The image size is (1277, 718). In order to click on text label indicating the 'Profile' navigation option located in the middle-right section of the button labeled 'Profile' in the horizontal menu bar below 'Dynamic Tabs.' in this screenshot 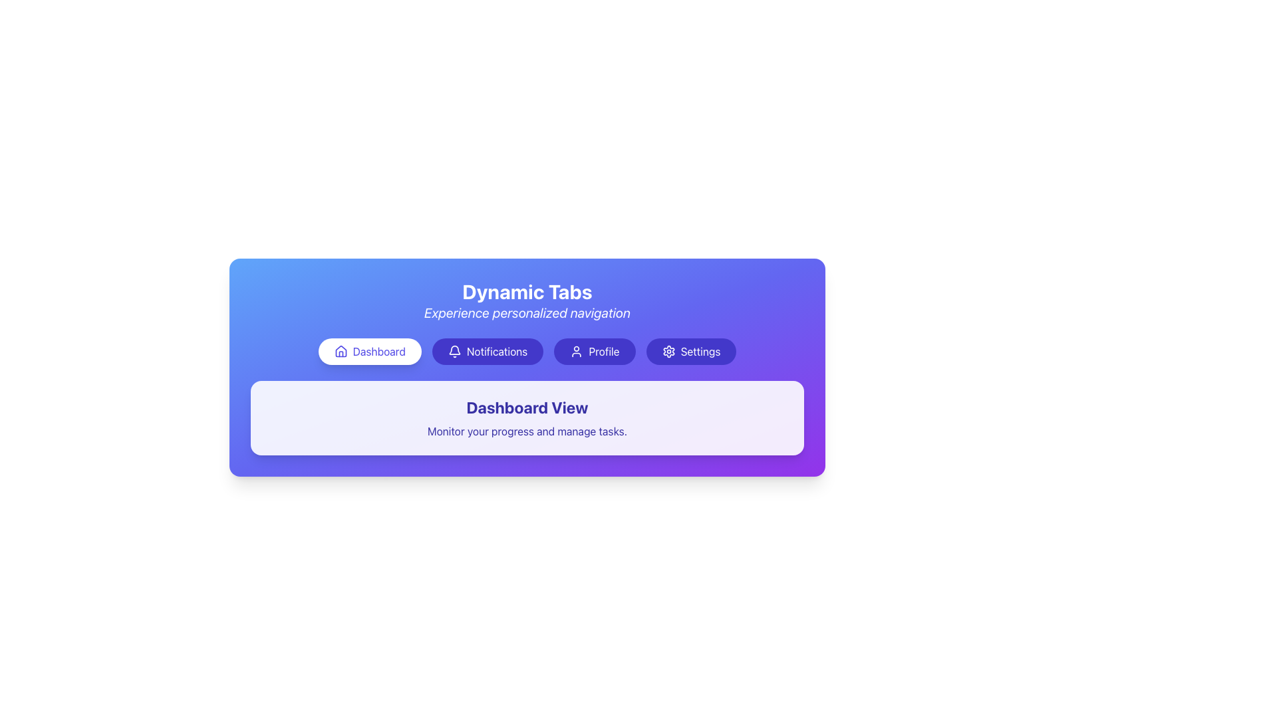, I will do `click(603, 350)`.